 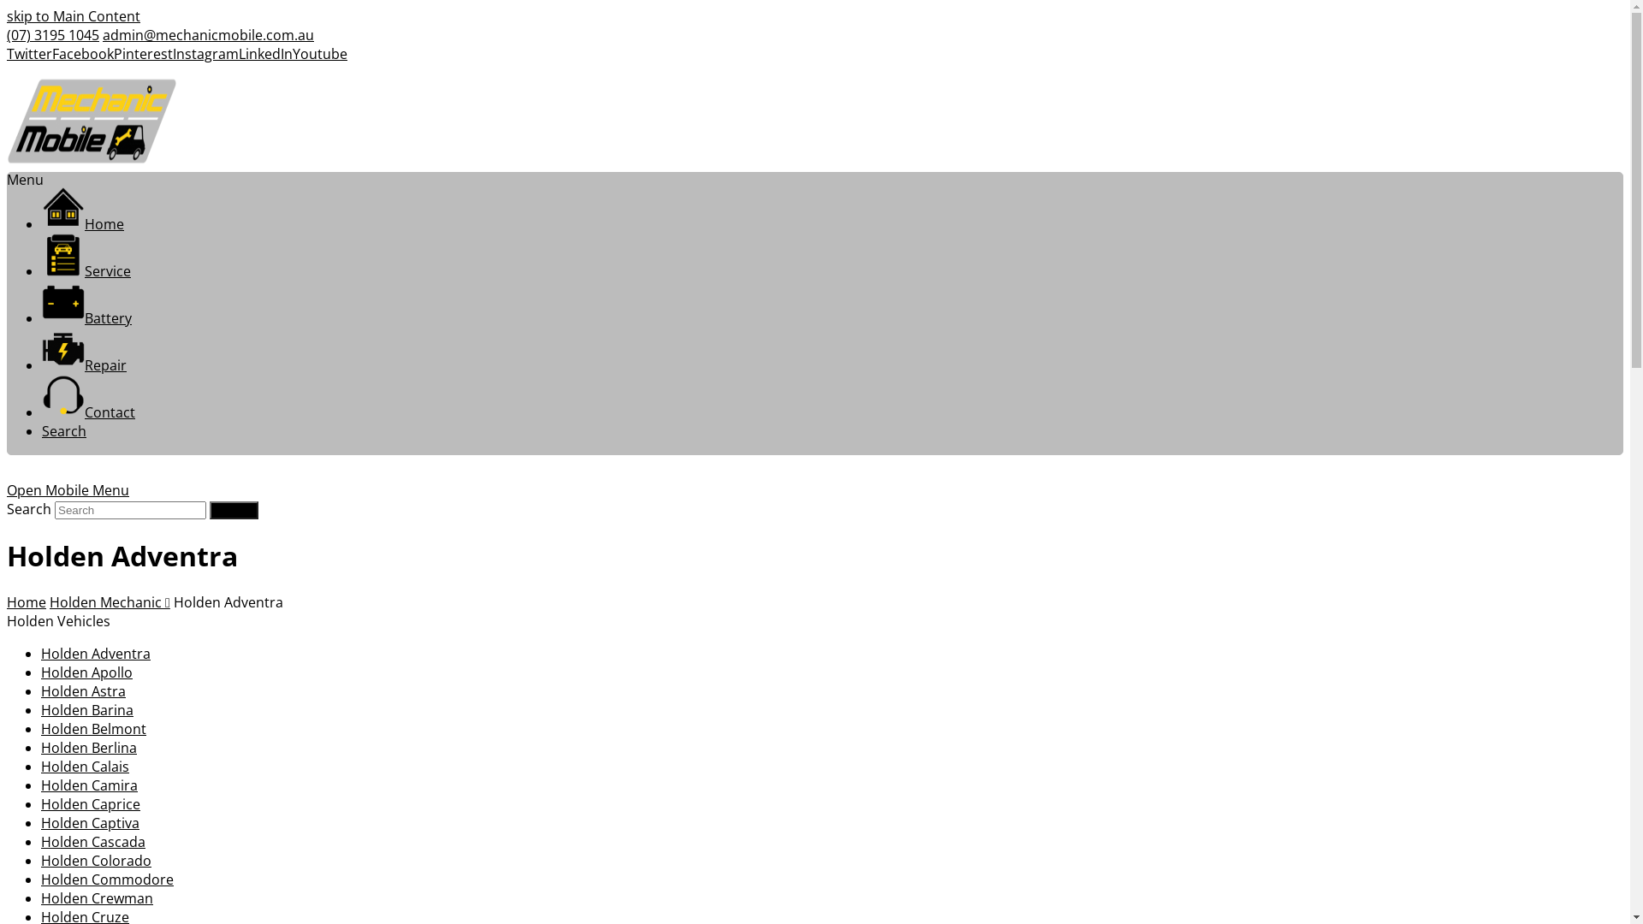 What do you see at coordinates (233, 509) in the screenshot?
I see `'Submit'` at bounding box center [233, 509].